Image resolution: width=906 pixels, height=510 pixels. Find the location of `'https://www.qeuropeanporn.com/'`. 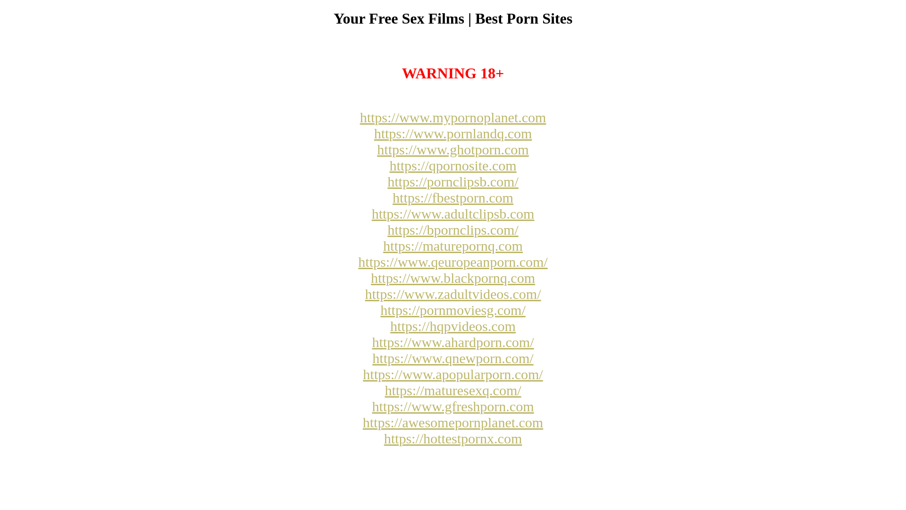

'https://www.qeuropeanporn.com/' is located at coordinates (452, 262).